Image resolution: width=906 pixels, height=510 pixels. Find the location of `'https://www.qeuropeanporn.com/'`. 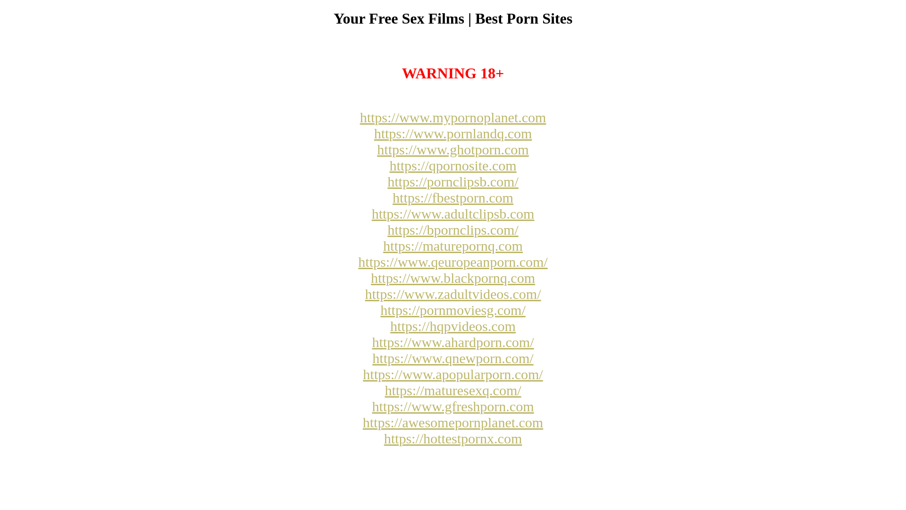

'https://www.qeuropeanporn.com/' is located at coordinates (452, 262).